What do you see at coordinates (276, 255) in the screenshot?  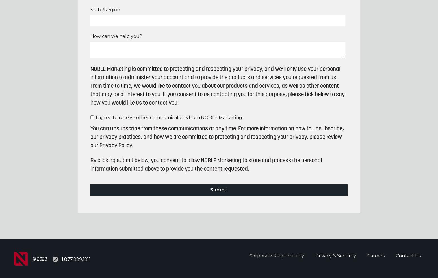 I see `'Corporate Responsibility'` at bounding box center [276, 255].